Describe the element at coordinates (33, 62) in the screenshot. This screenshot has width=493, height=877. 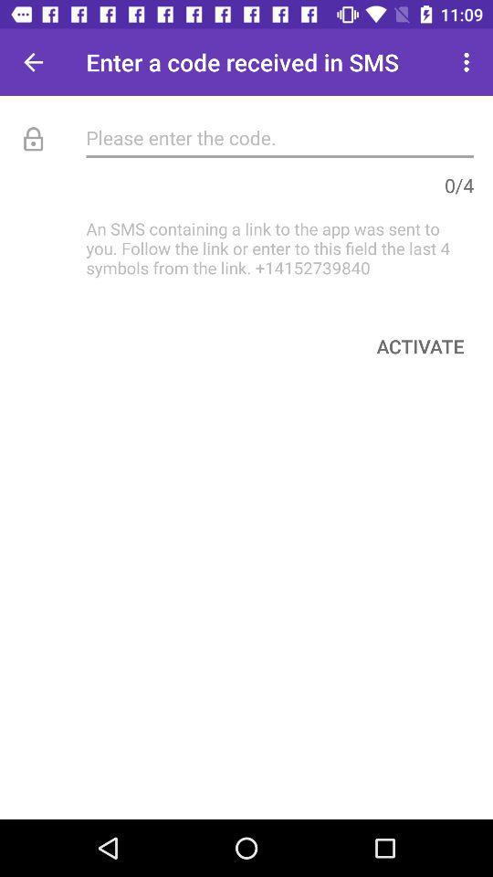
I see `go back` at that location.